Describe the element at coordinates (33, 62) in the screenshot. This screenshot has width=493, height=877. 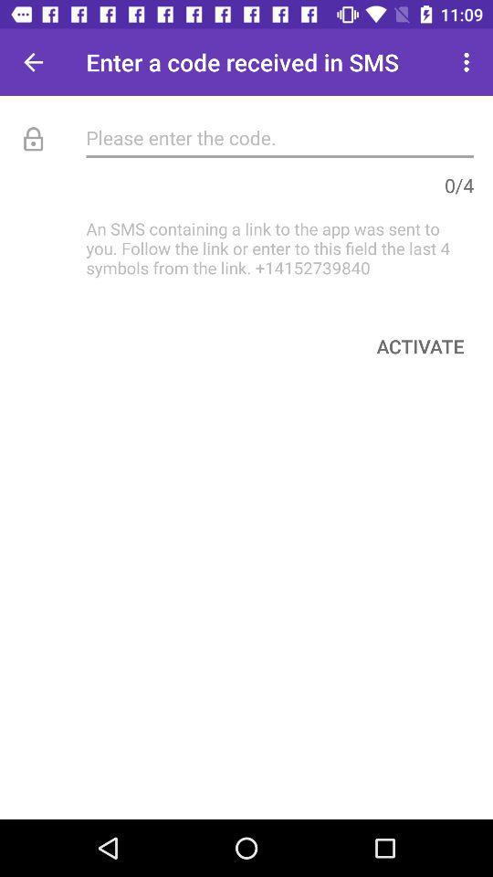
I see `go back` at that location.